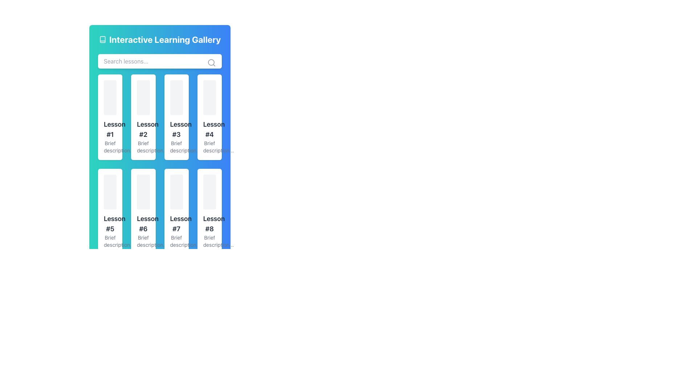 This screenshot has height=392, width=697. What do you see at coordinates (110, 147) in the screenshot?
I see `contextual text located at the bottom section of the card labeled 'Lesson #1' positioned in the main layout grid` at bounding box center [110, 147].